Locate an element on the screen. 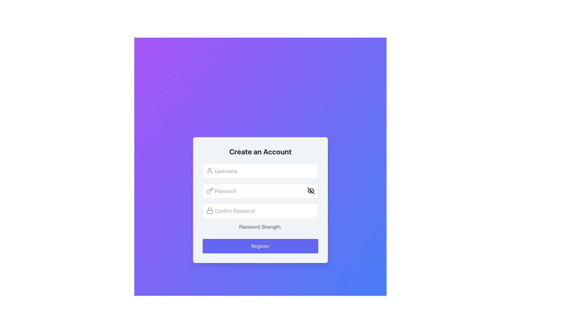 The width and height of the screenshot is (578, 325). the combined textual label and progress bar displaying 'Password Strength:' and its red progress bar, located in the middle of the form, below the password confirmation input field is located at coordinates (260, 228).